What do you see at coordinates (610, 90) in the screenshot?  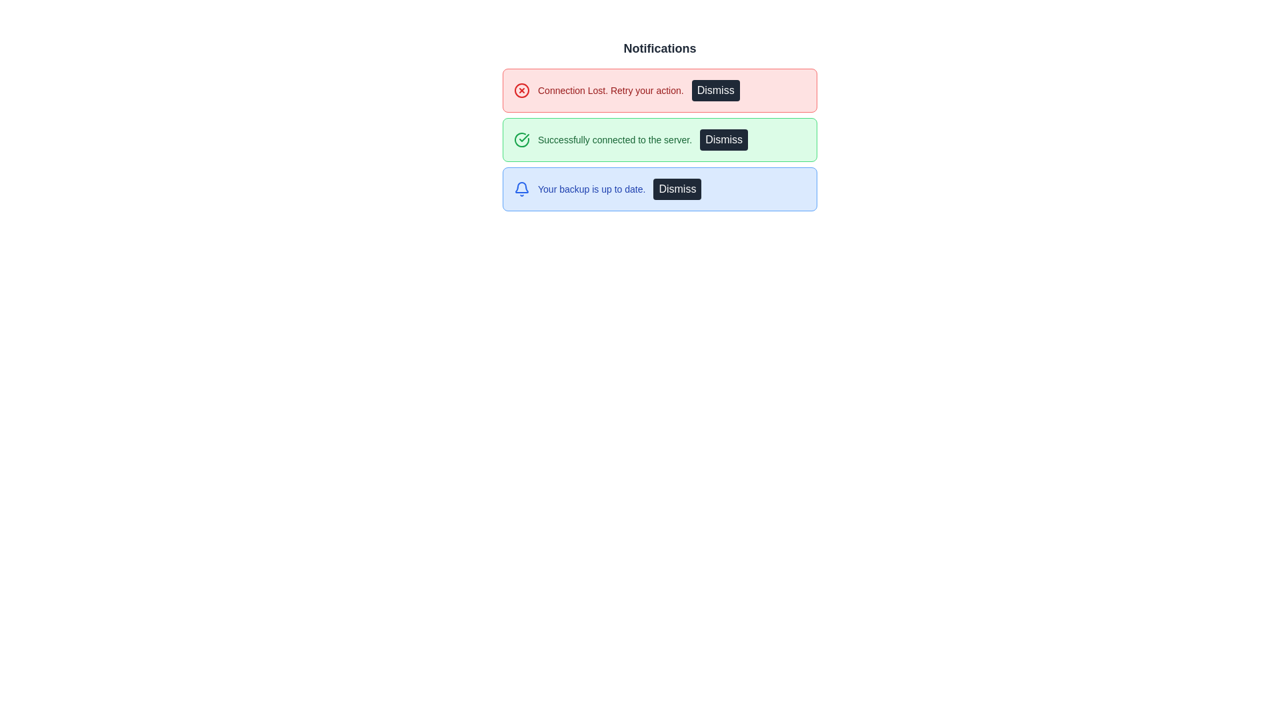 I see `the error message text displaying a lost connection notification, which is located in the first notification box, next to a red cross icon and before the 'Dismiss' button` at bounding box center [610, 90].